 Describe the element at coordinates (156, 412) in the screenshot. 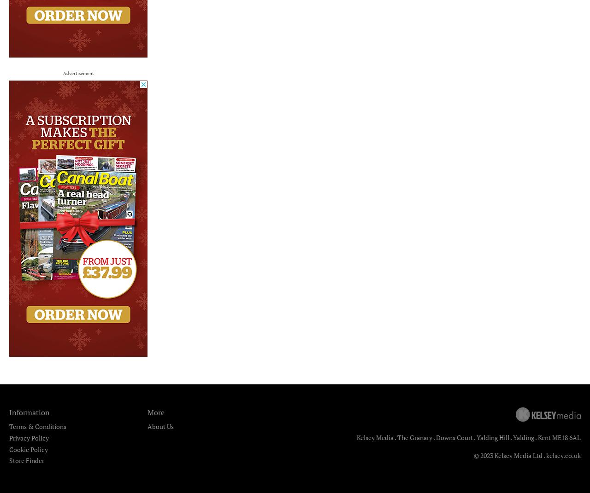

I see `'More'` at that location.